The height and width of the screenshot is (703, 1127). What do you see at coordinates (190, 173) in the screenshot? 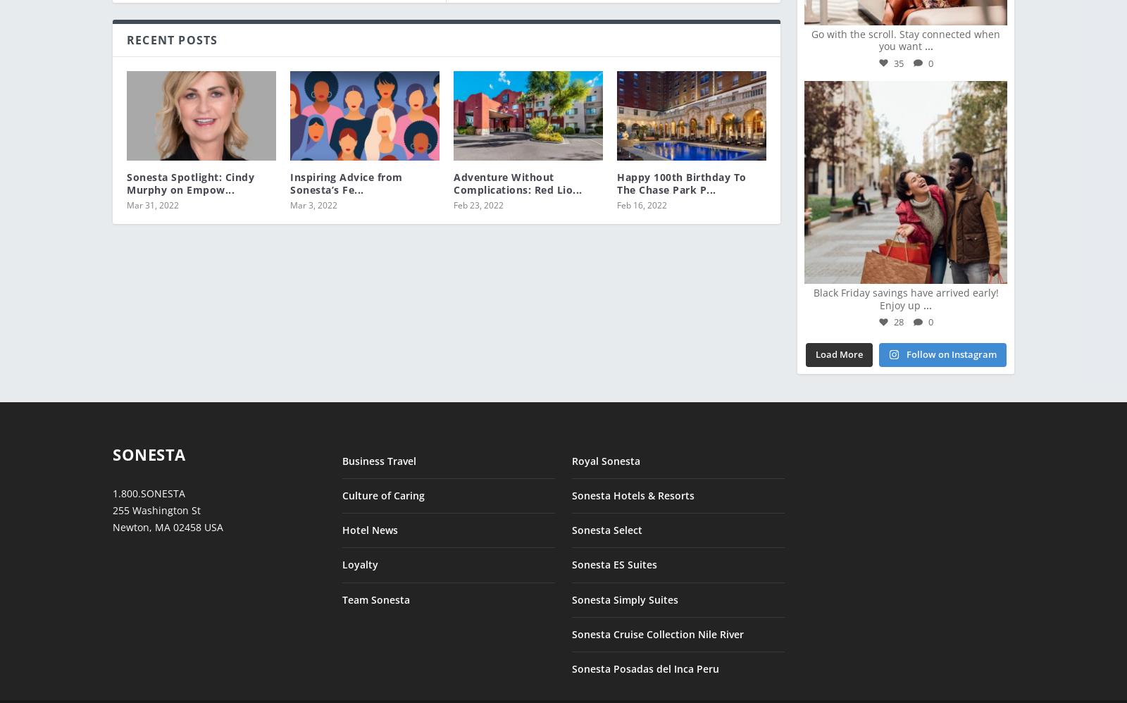
I see `'Sonesta Spotlight: Cindy Murphy on Empow...'` at bounding box center [190, 173].